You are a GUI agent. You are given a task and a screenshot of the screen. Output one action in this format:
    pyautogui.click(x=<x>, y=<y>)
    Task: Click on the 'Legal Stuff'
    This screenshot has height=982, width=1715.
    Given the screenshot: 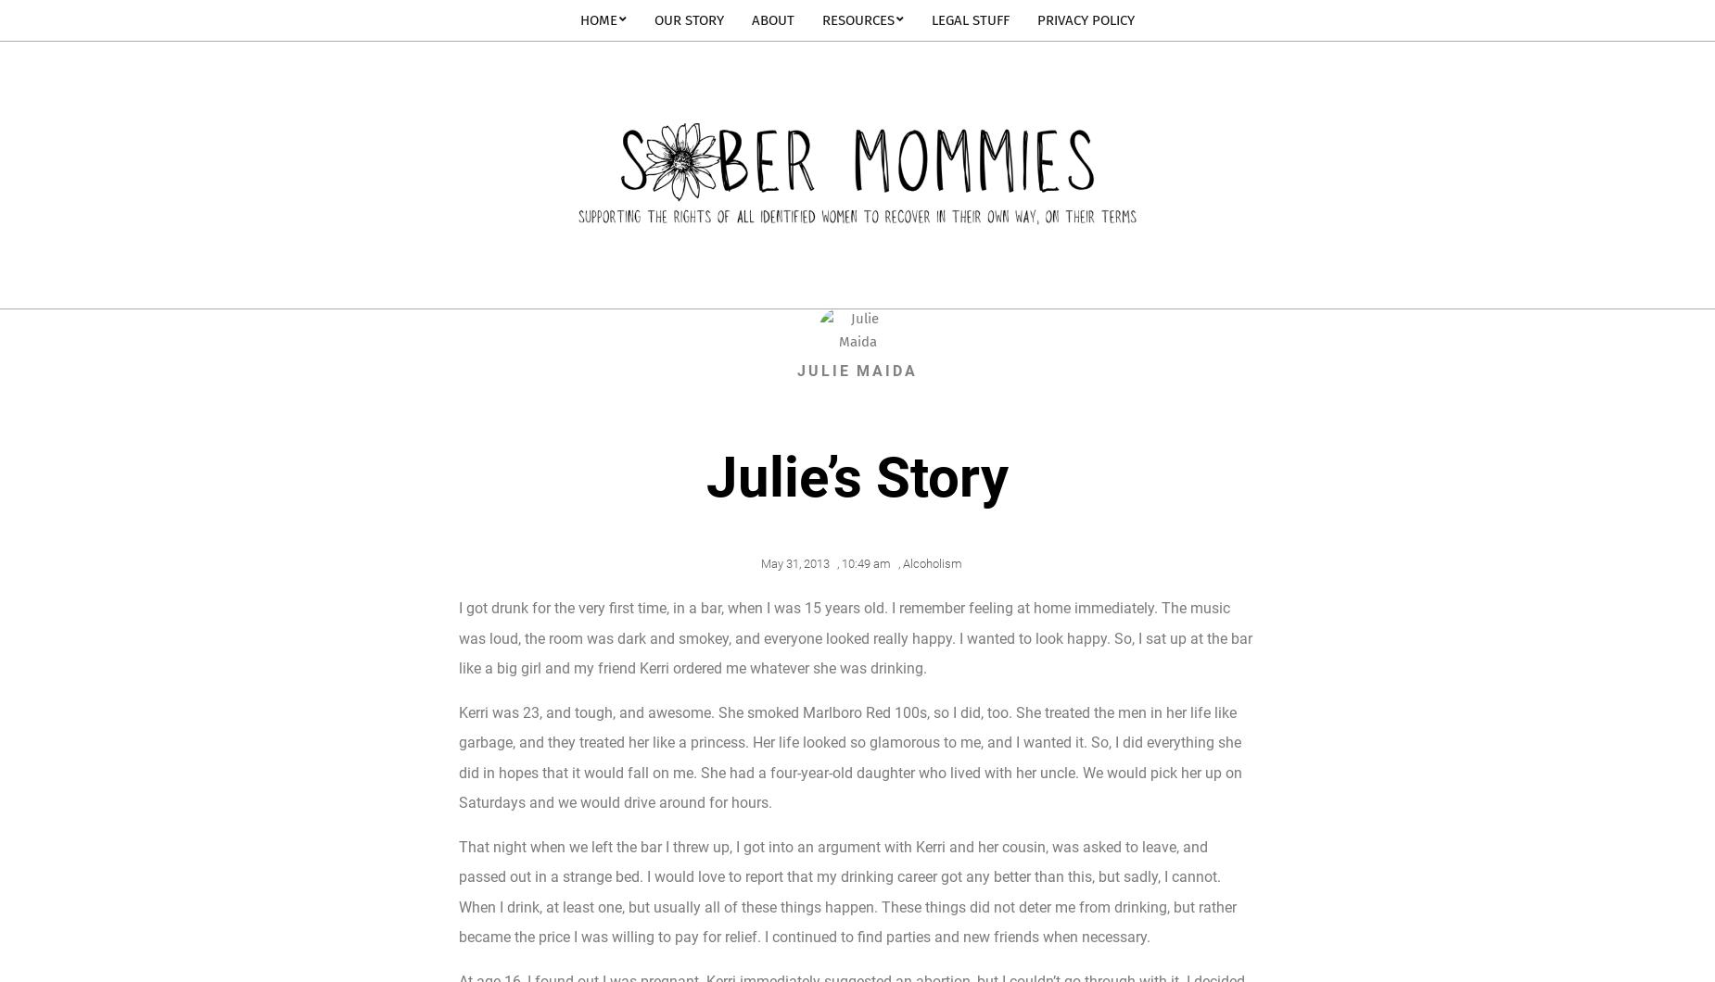 What is the action you would take?
    pyautogui.click(x=969, y=20)
    